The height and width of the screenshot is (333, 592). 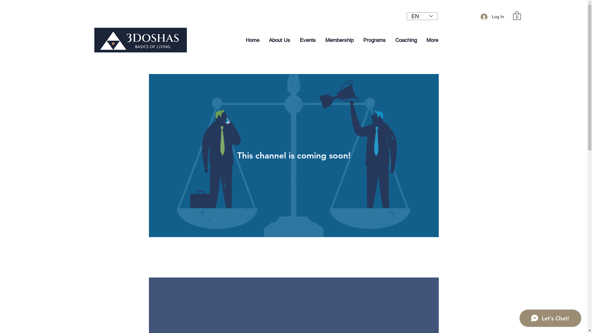 What do you see at coordinates (492, 16) in the screenshot?
I see `'Log In'` at bounding box center [492, 16].